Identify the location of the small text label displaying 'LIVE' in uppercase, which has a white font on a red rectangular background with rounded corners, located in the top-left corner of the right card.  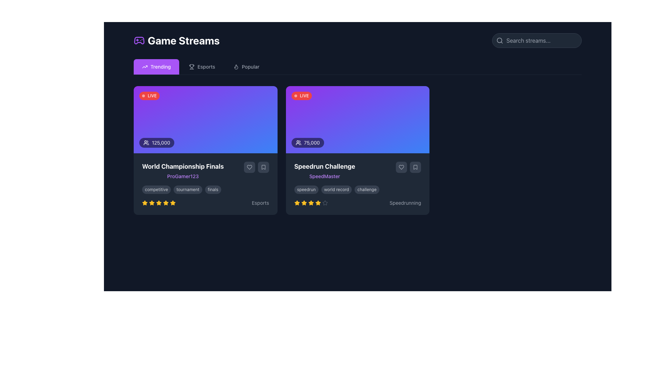
(304, 96).